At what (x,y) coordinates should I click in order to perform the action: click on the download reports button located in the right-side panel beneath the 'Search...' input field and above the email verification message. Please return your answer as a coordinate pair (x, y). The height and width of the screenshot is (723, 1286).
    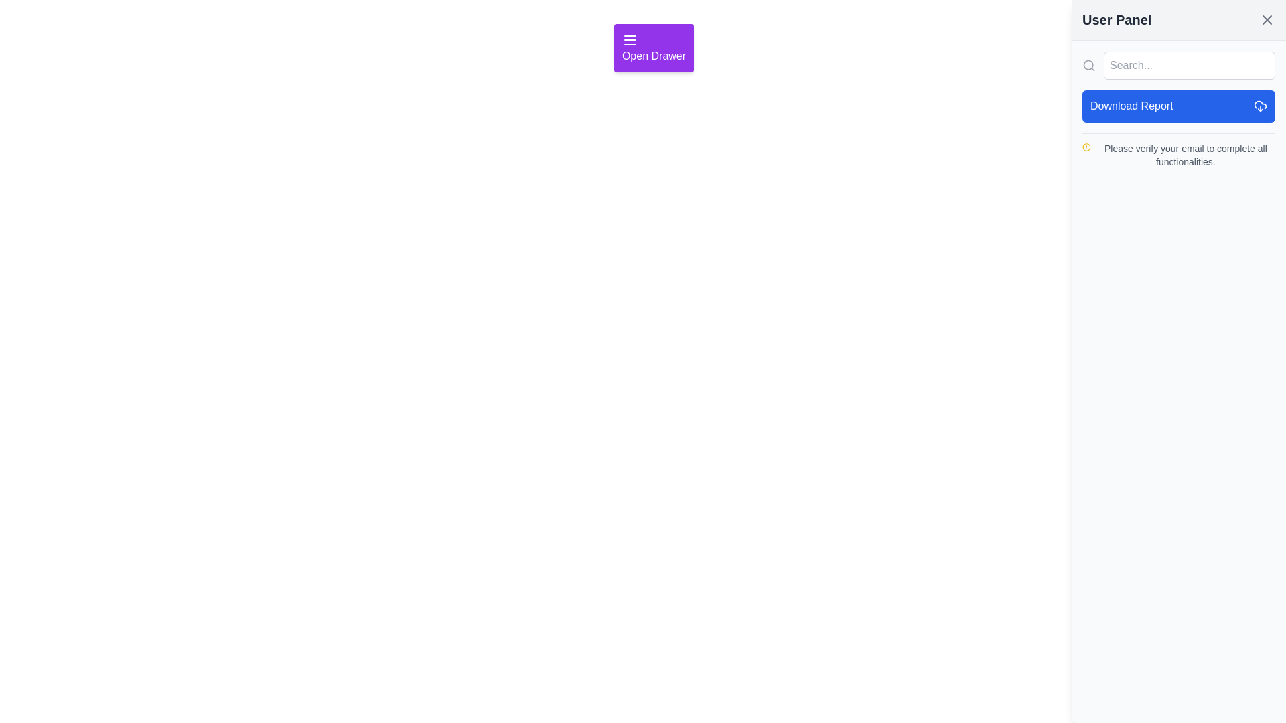
    Looking at the image, I should click on (1179, 105).